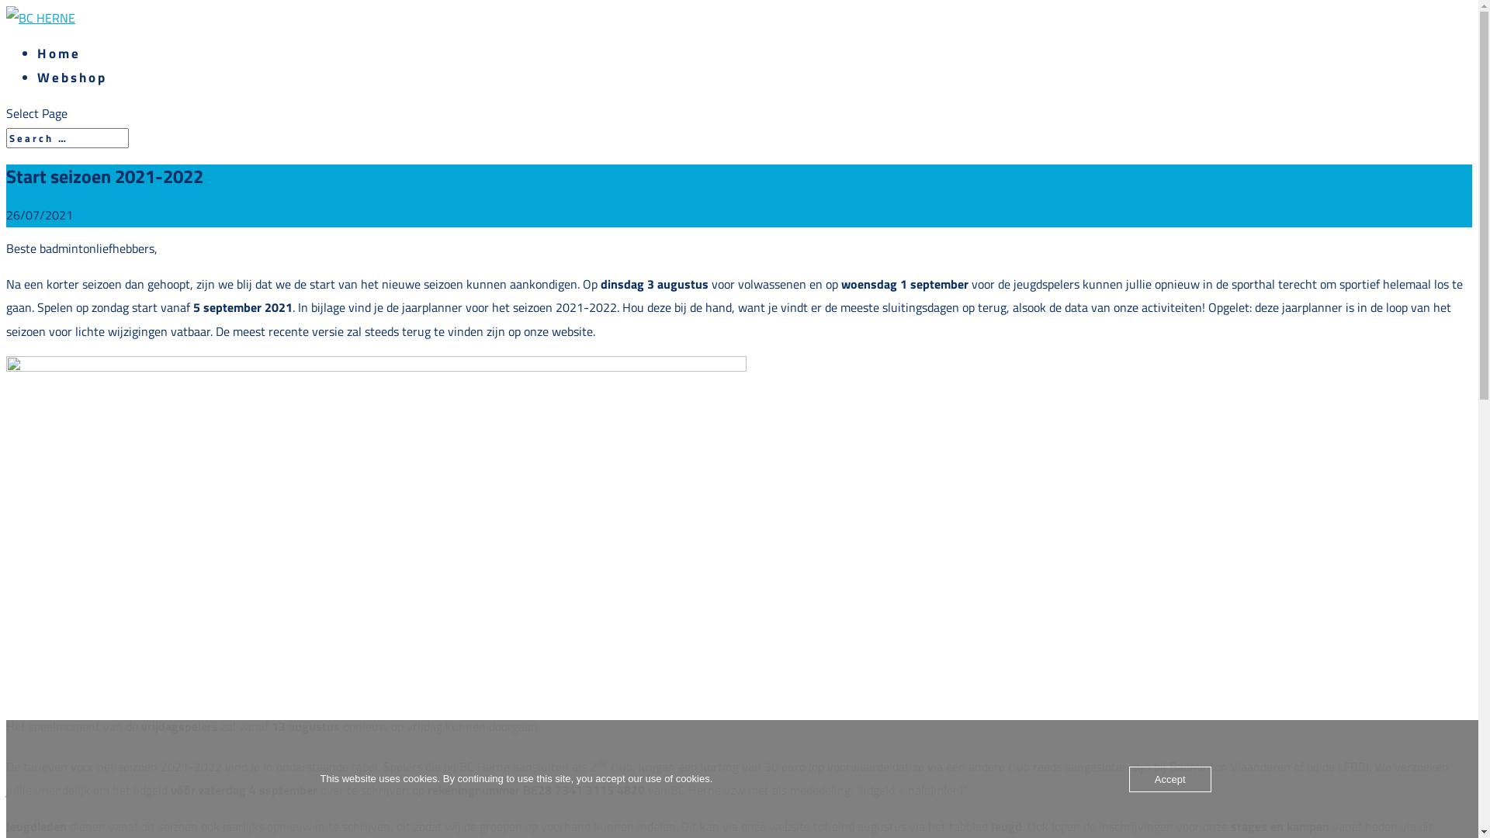 This screenshot has width=1490, height=838. What do you see at coordinates (1169, 779) in the screenshot?
I see `'Accept'` at bounding box center [1169, 779].